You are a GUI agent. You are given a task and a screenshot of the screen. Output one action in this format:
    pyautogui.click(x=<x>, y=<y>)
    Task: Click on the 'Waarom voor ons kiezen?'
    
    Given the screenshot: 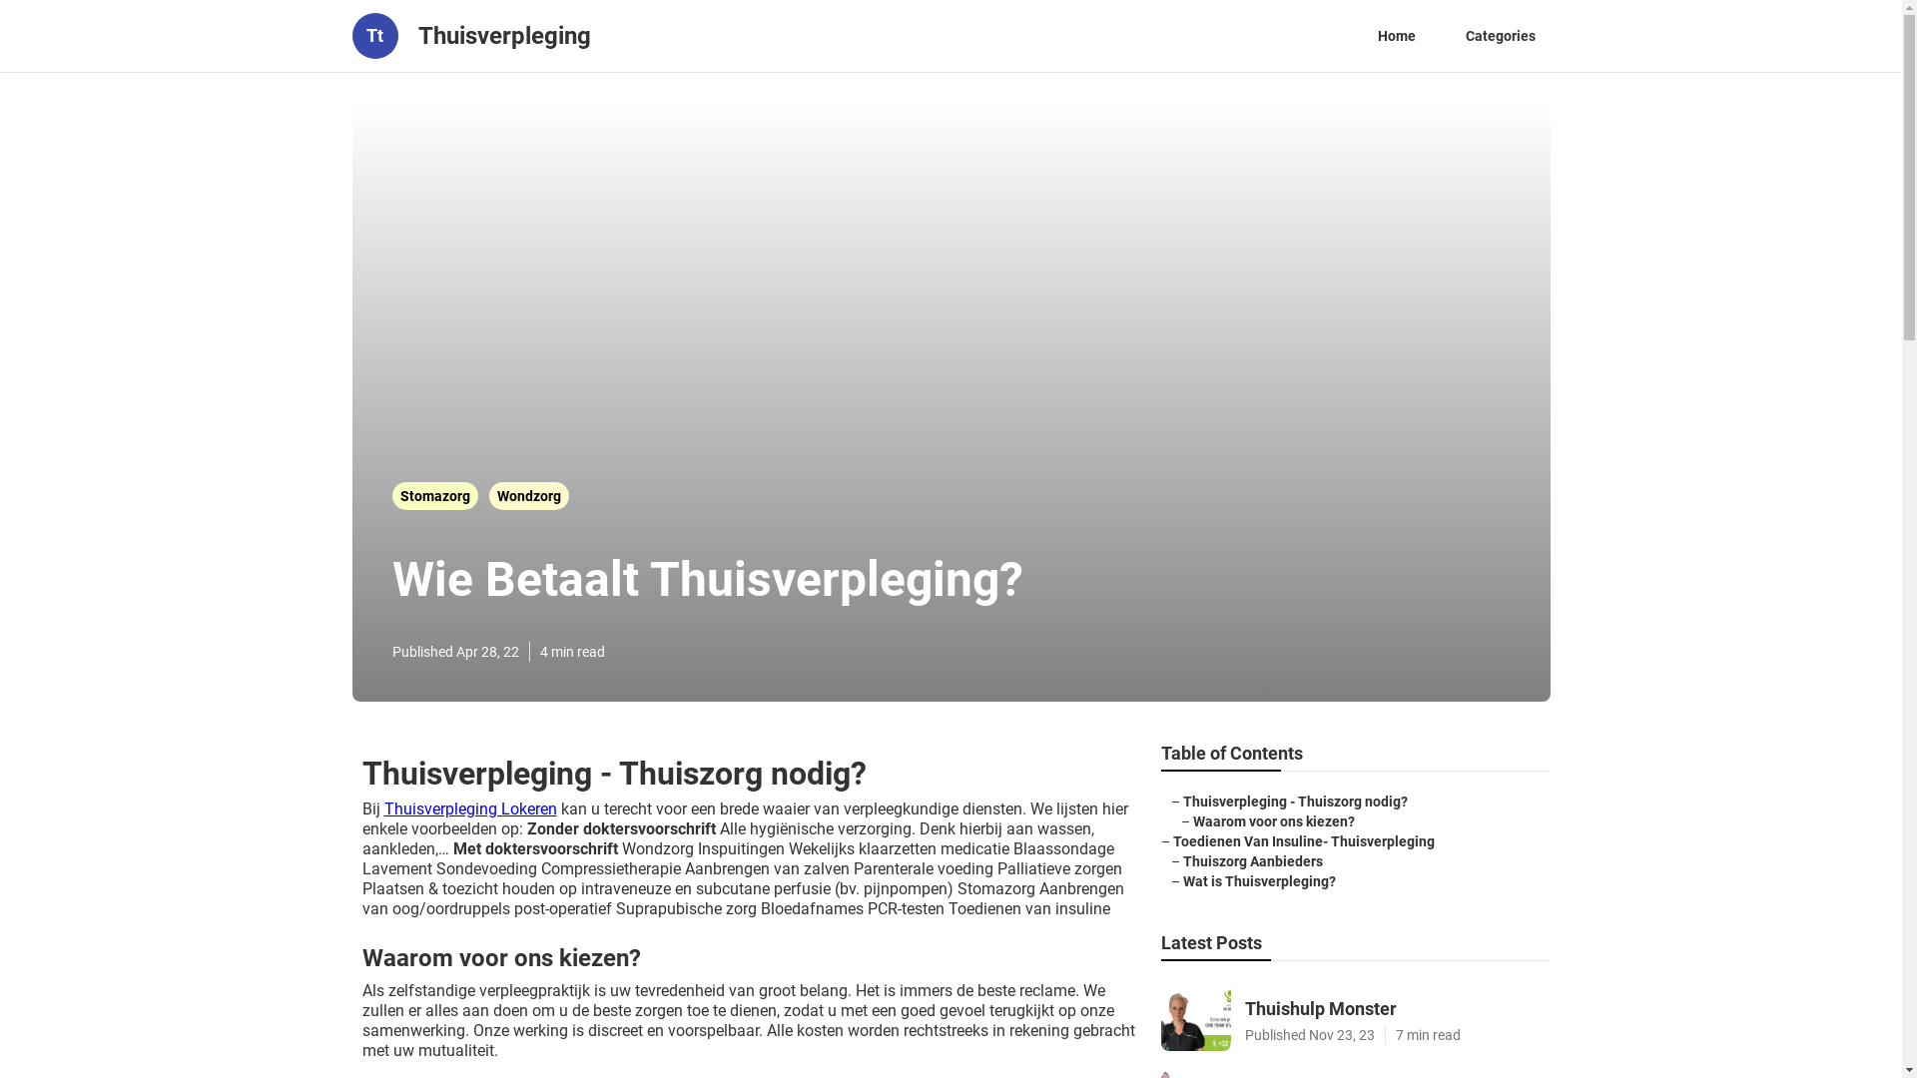 What is the action you would take?
    pyautogui.click(x=1272, y=820)
    